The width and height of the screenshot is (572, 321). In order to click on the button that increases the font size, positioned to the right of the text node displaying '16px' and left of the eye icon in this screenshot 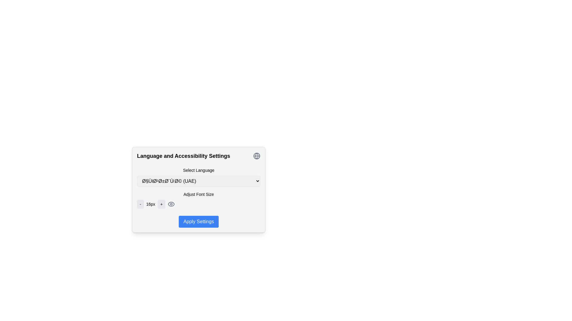, I will do `click(161, 204)`.